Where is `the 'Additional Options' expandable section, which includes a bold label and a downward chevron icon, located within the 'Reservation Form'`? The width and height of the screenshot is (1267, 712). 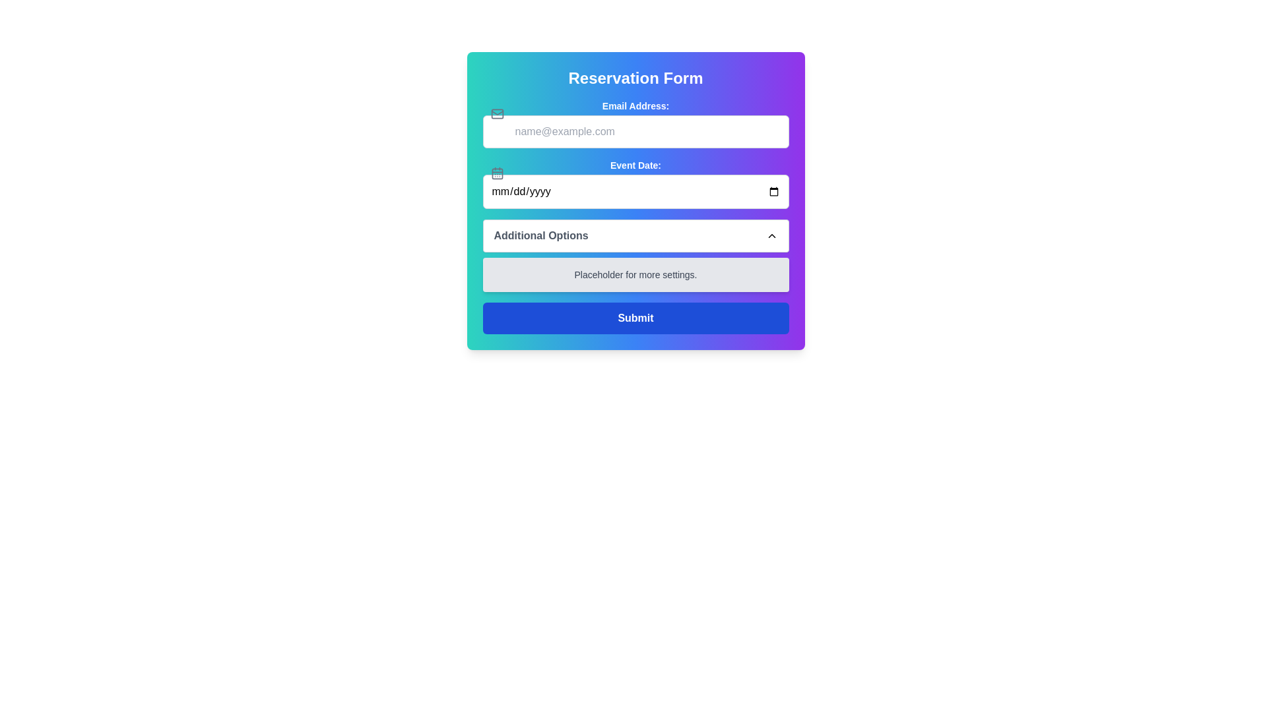
the 'Additional Options' expandable section, which includes a bold label and a downward chevron icon, located within the 'Reservation Form' is located at coordinates (635, 256).